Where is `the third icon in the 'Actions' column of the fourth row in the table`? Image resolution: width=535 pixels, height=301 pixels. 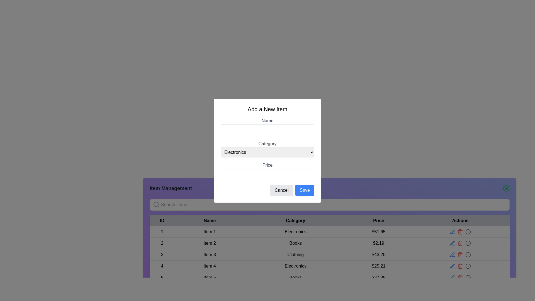 the third icon in the 'Actions' column of the fourth row in the table is located at coordinates (468, 266).